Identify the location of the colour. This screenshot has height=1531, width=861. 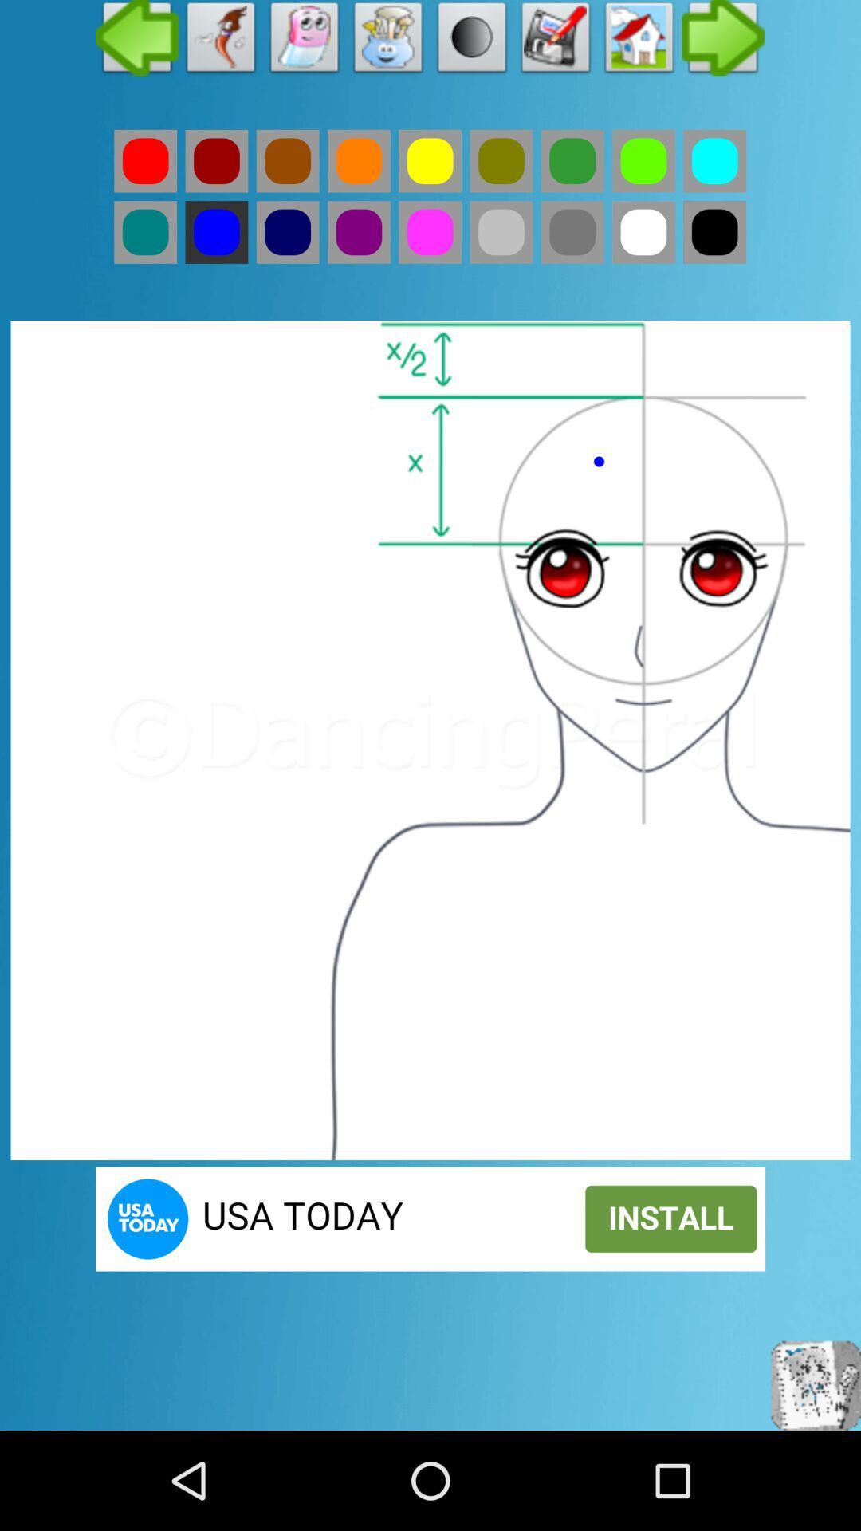
(714, 161).